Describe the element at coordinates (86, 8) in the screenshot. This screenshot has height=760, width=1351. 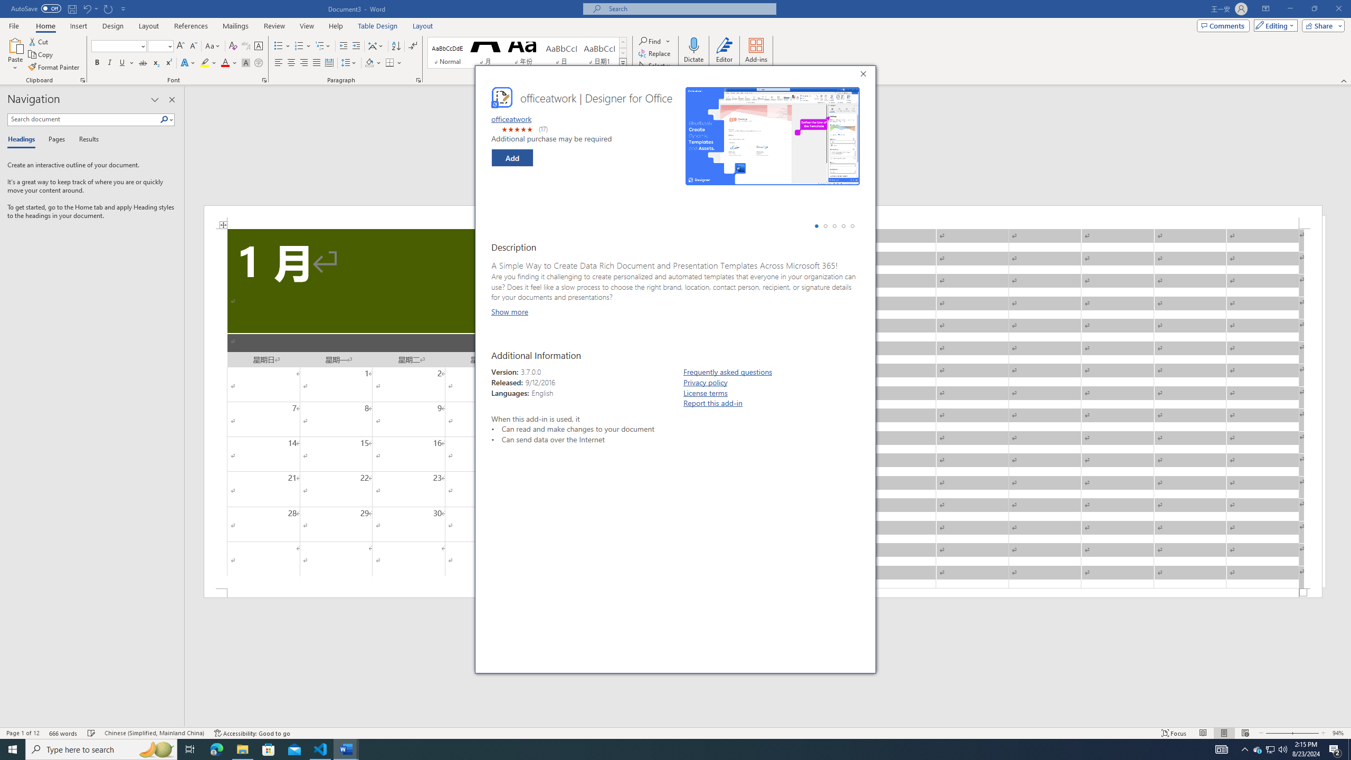
I see `'Undo Grow Font'` at that location.